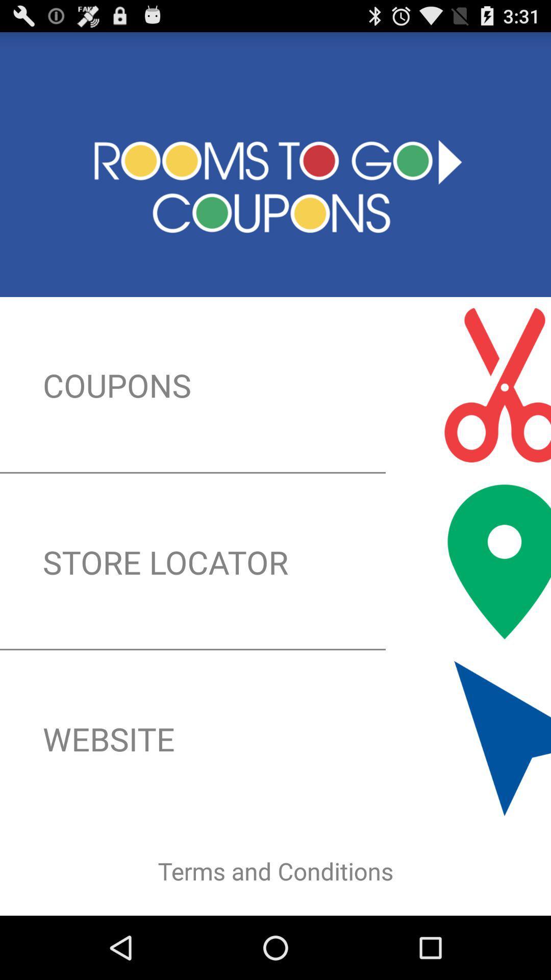  I want to click on button above terms and conditions item, so click(275, 739).